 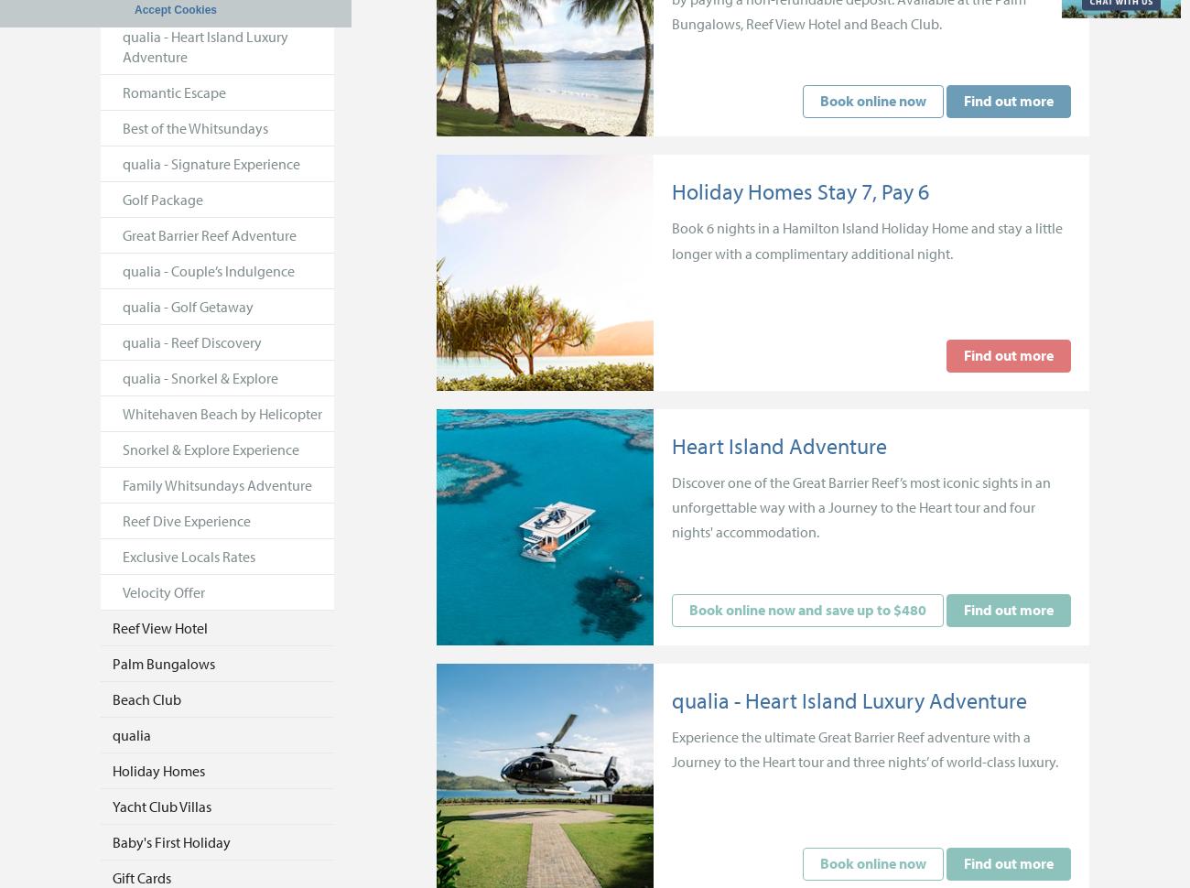 What do you see at coordinates (189, 556) in the screenshot?
I see `'Exclusive Locals Rates'` at bounding box center [189, 556].